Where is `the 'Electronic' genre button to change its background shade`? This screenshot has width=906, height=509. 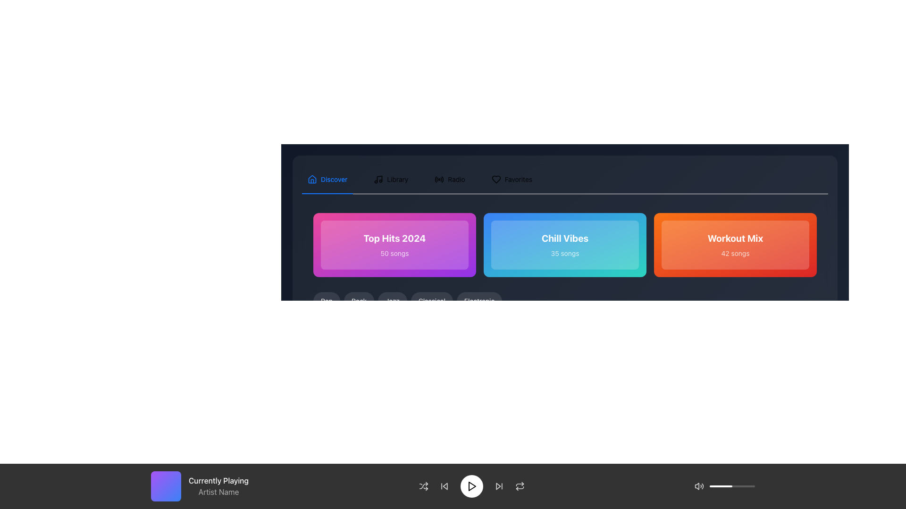
the 'Electronic' genre button to change its background shade is located at coordinates (479, 301).